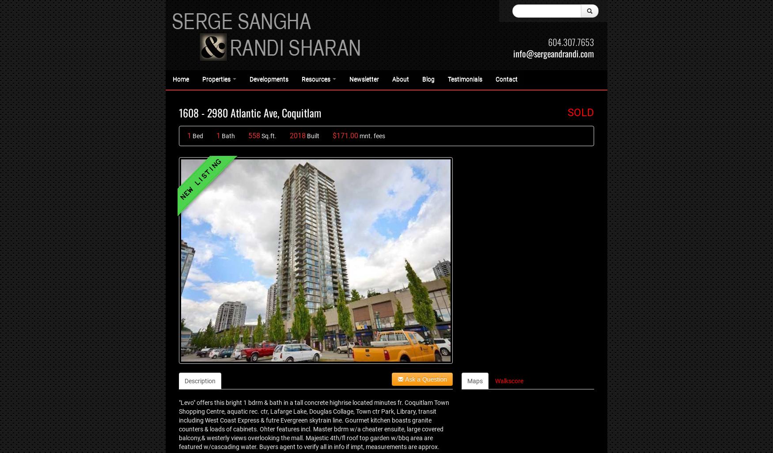  What do you see at coordinates (553, 53) in the screenshot?
I see `'info@sergeandrandi.com'` at bounding box center [553, 53].